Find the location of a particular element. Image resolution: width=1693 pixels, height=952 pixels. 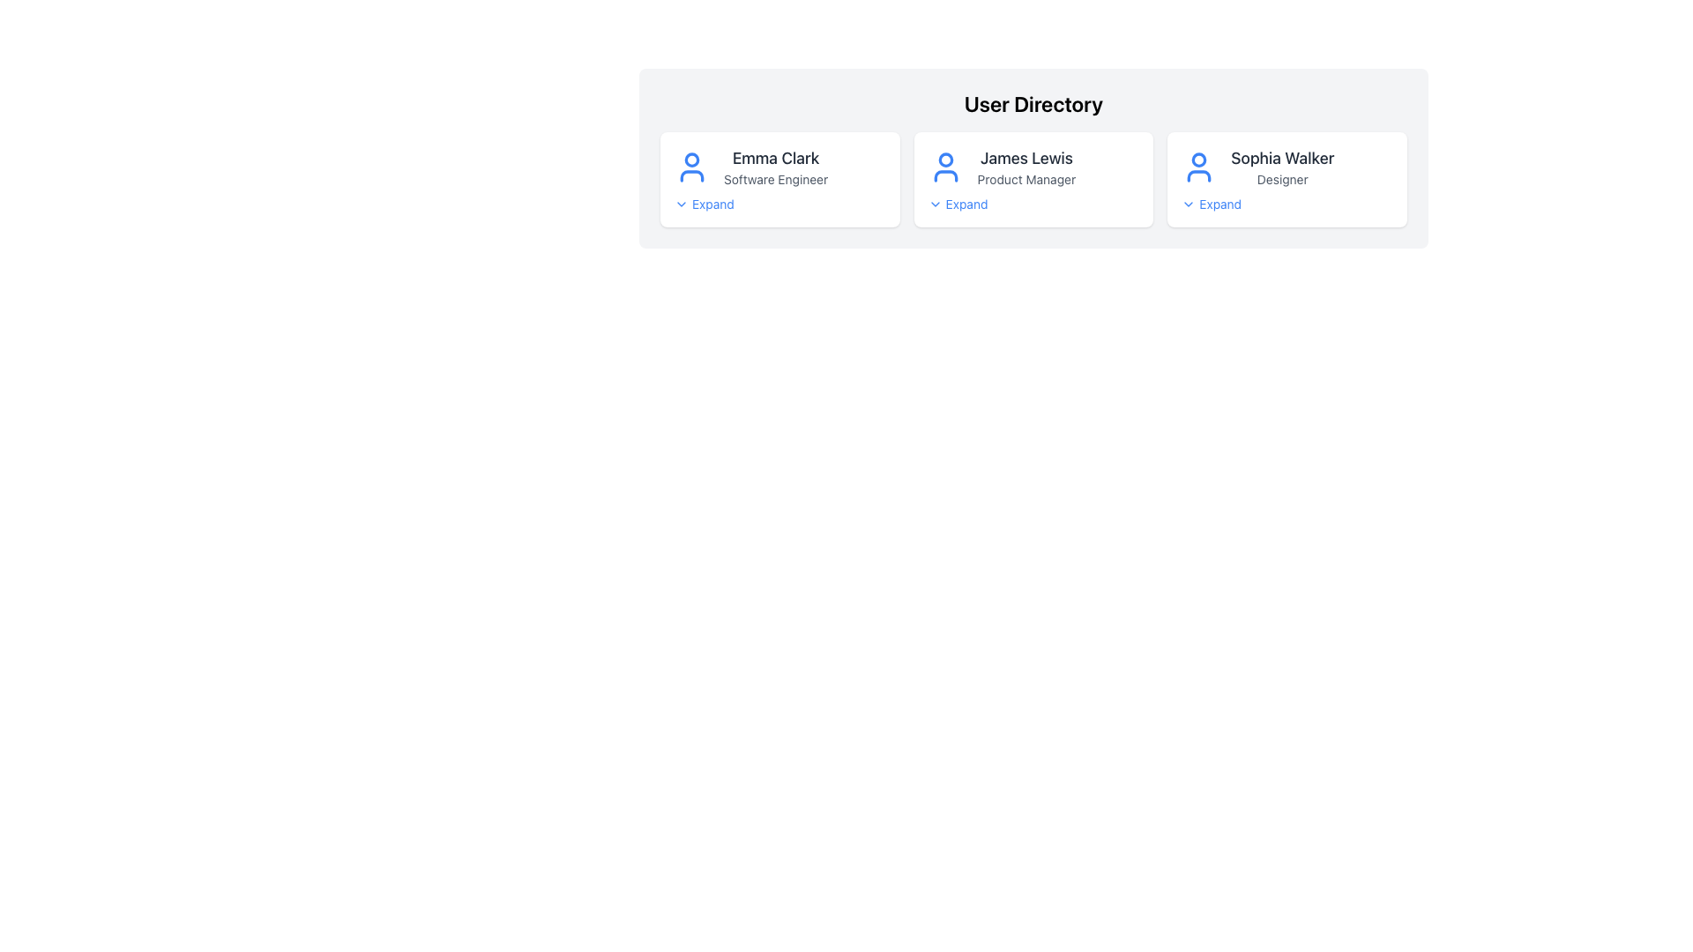

lower section of the user profile icon in the third user card under 'Sophia Walker' for debugging or design purposes by clicking on it is located at coordinates (1199, 176).